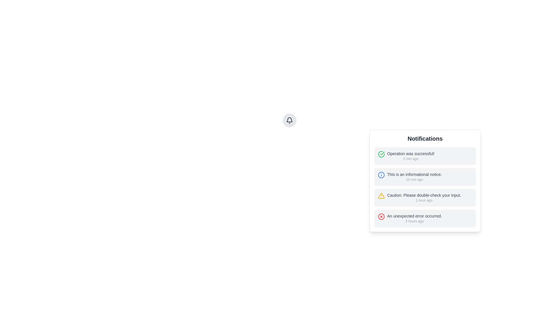 The height and width of the screenshot is (312, 556). I want to click on the warning indicator icon located at the left side of the notification text in the bottom-right section of the interface, so click(381, 196).